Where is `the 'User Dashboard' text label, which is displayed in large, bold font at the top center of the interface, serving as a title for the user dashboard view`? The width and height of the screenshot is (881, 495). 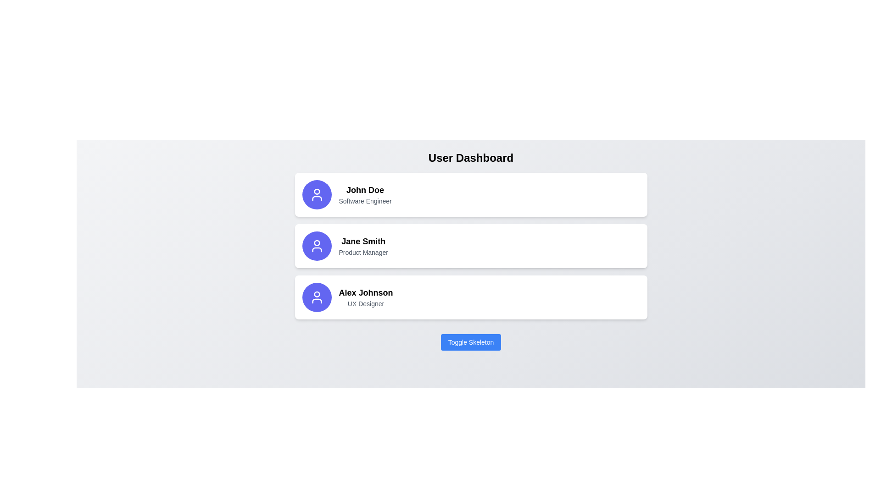
the 'User Dashboard' text label, which is displayed in large, bold font at the top center of the interface, serving as a title for the user dashboard view is located at coordinates (471, 157).